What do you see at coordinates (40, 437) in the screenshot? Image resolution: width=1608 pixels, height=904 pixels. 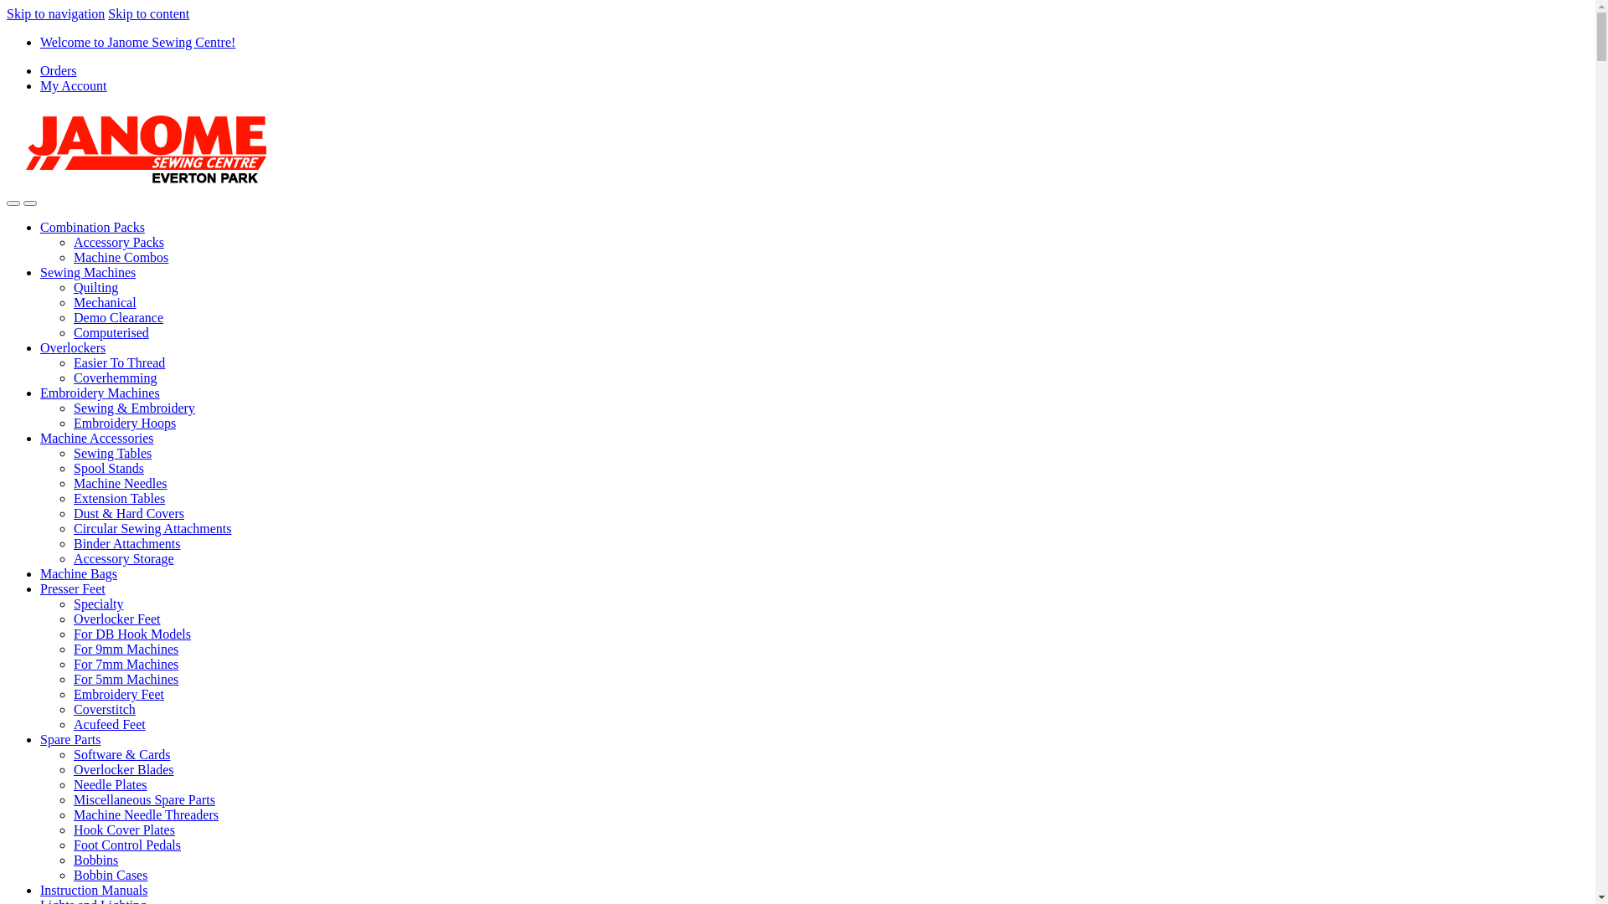 I see `'Machine Accessories'` at bounding box center [40, 437].